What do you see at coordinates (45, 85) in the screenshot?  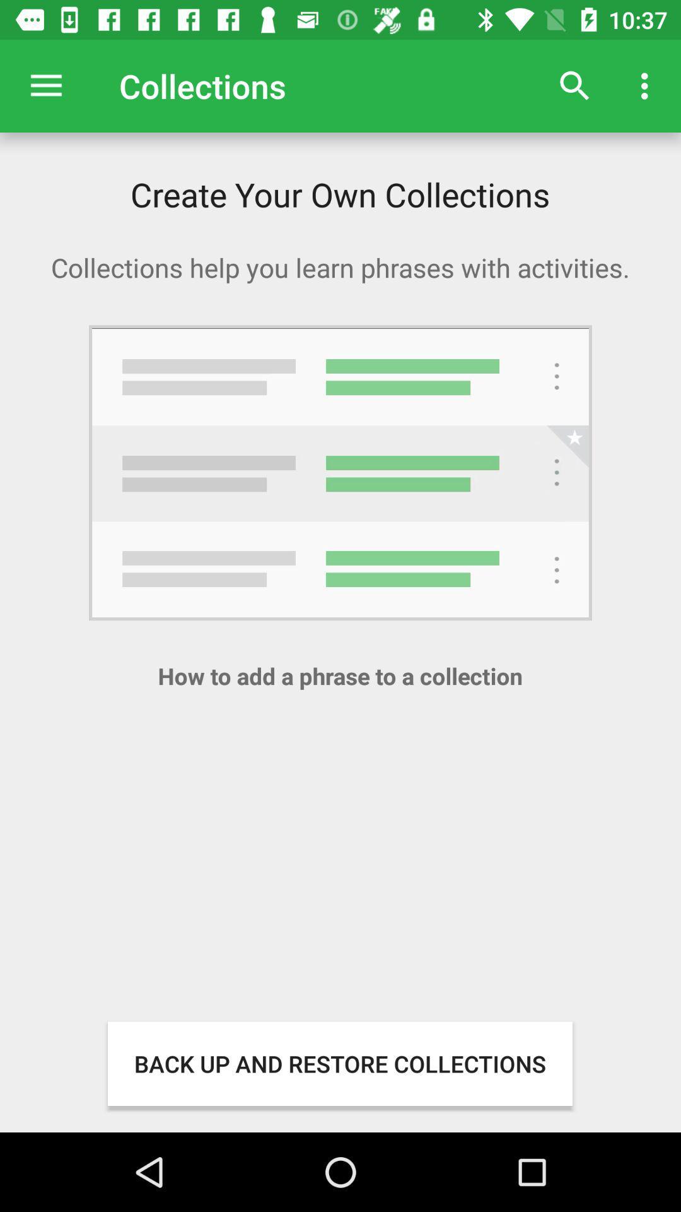 I see `drop down menu` at bounding box center [45, 85].